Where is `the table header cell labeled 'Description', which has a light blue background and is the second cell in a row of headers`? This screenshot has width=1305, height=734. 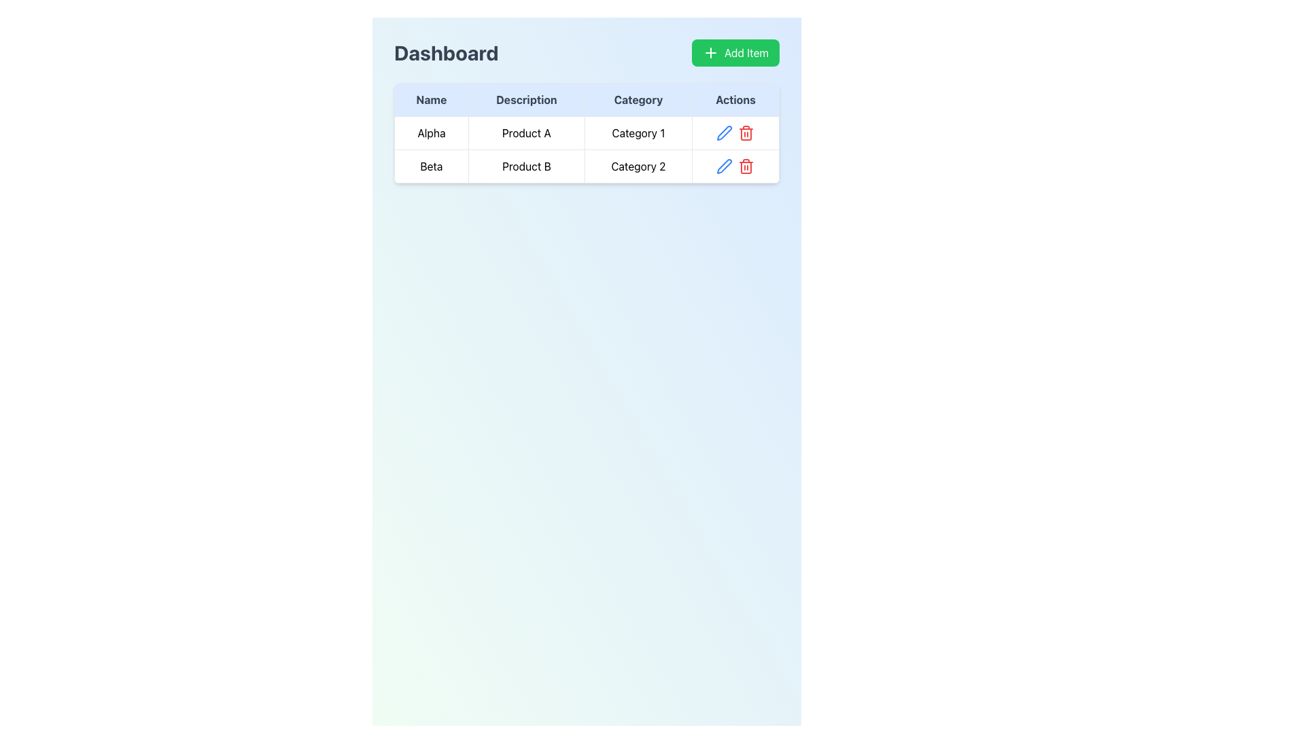
the table header cell labeled 'Description', which has a light blue background and is the second cell in a row of headers is located at coordinates (525, 99).